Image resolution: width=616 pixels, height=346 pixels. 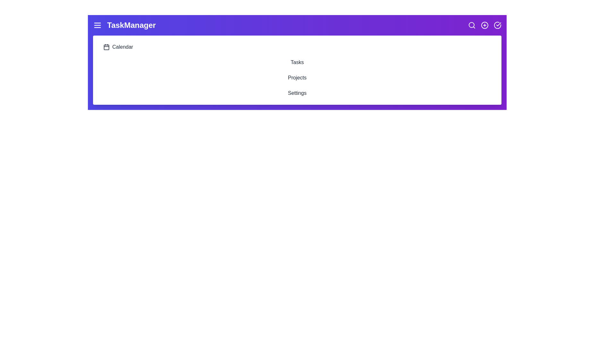 What do you see at coordinates (472, 25) in the screenshot?
I see `the search icon to initiate the search functionality` at bounding box center [472, 25].